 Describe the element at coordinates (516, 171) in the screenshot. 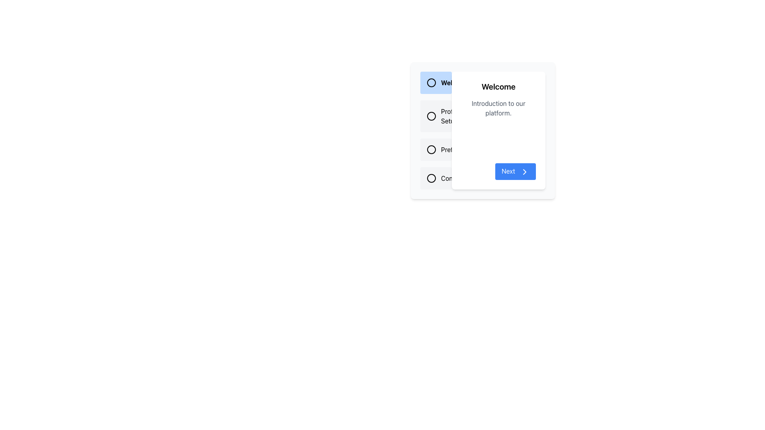

I see `the 'Next' button located at the bottom-right corner of the white card` at that location.